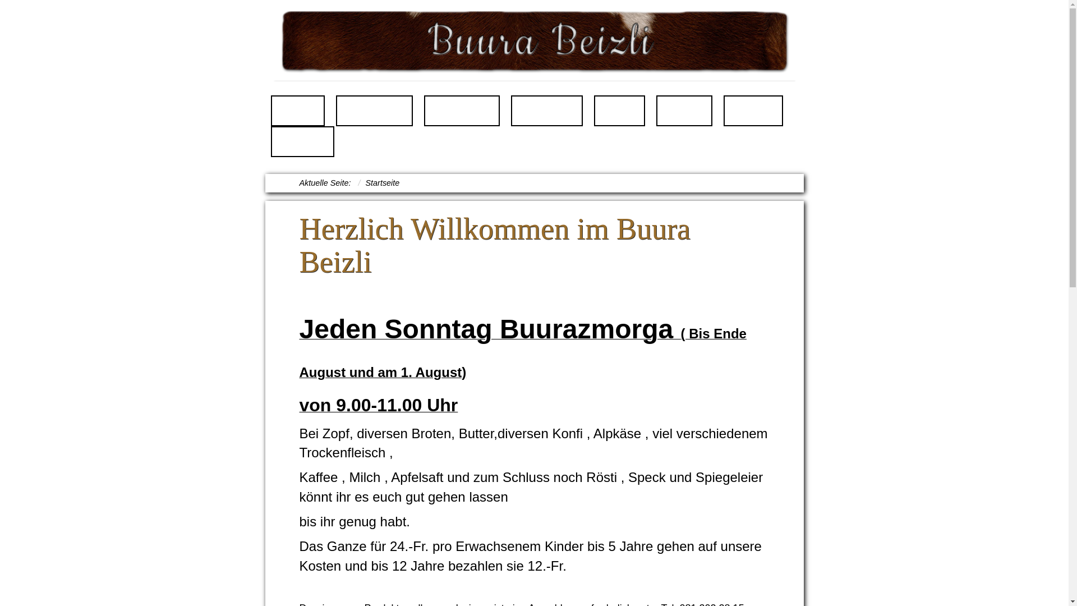 The image size is (1077, 606). What do you see at coordinates (374, 111) in the screenshot?
I see `'Restaurant'` at bounding box center [374, 111].